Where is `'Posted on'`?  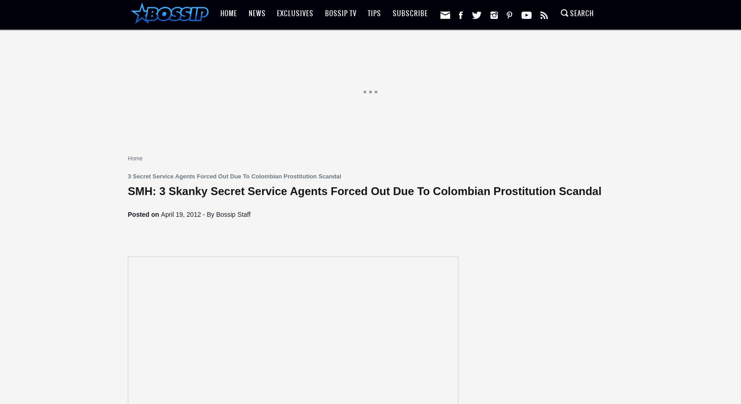 'Posted on' is located at coordinates (128, 214).